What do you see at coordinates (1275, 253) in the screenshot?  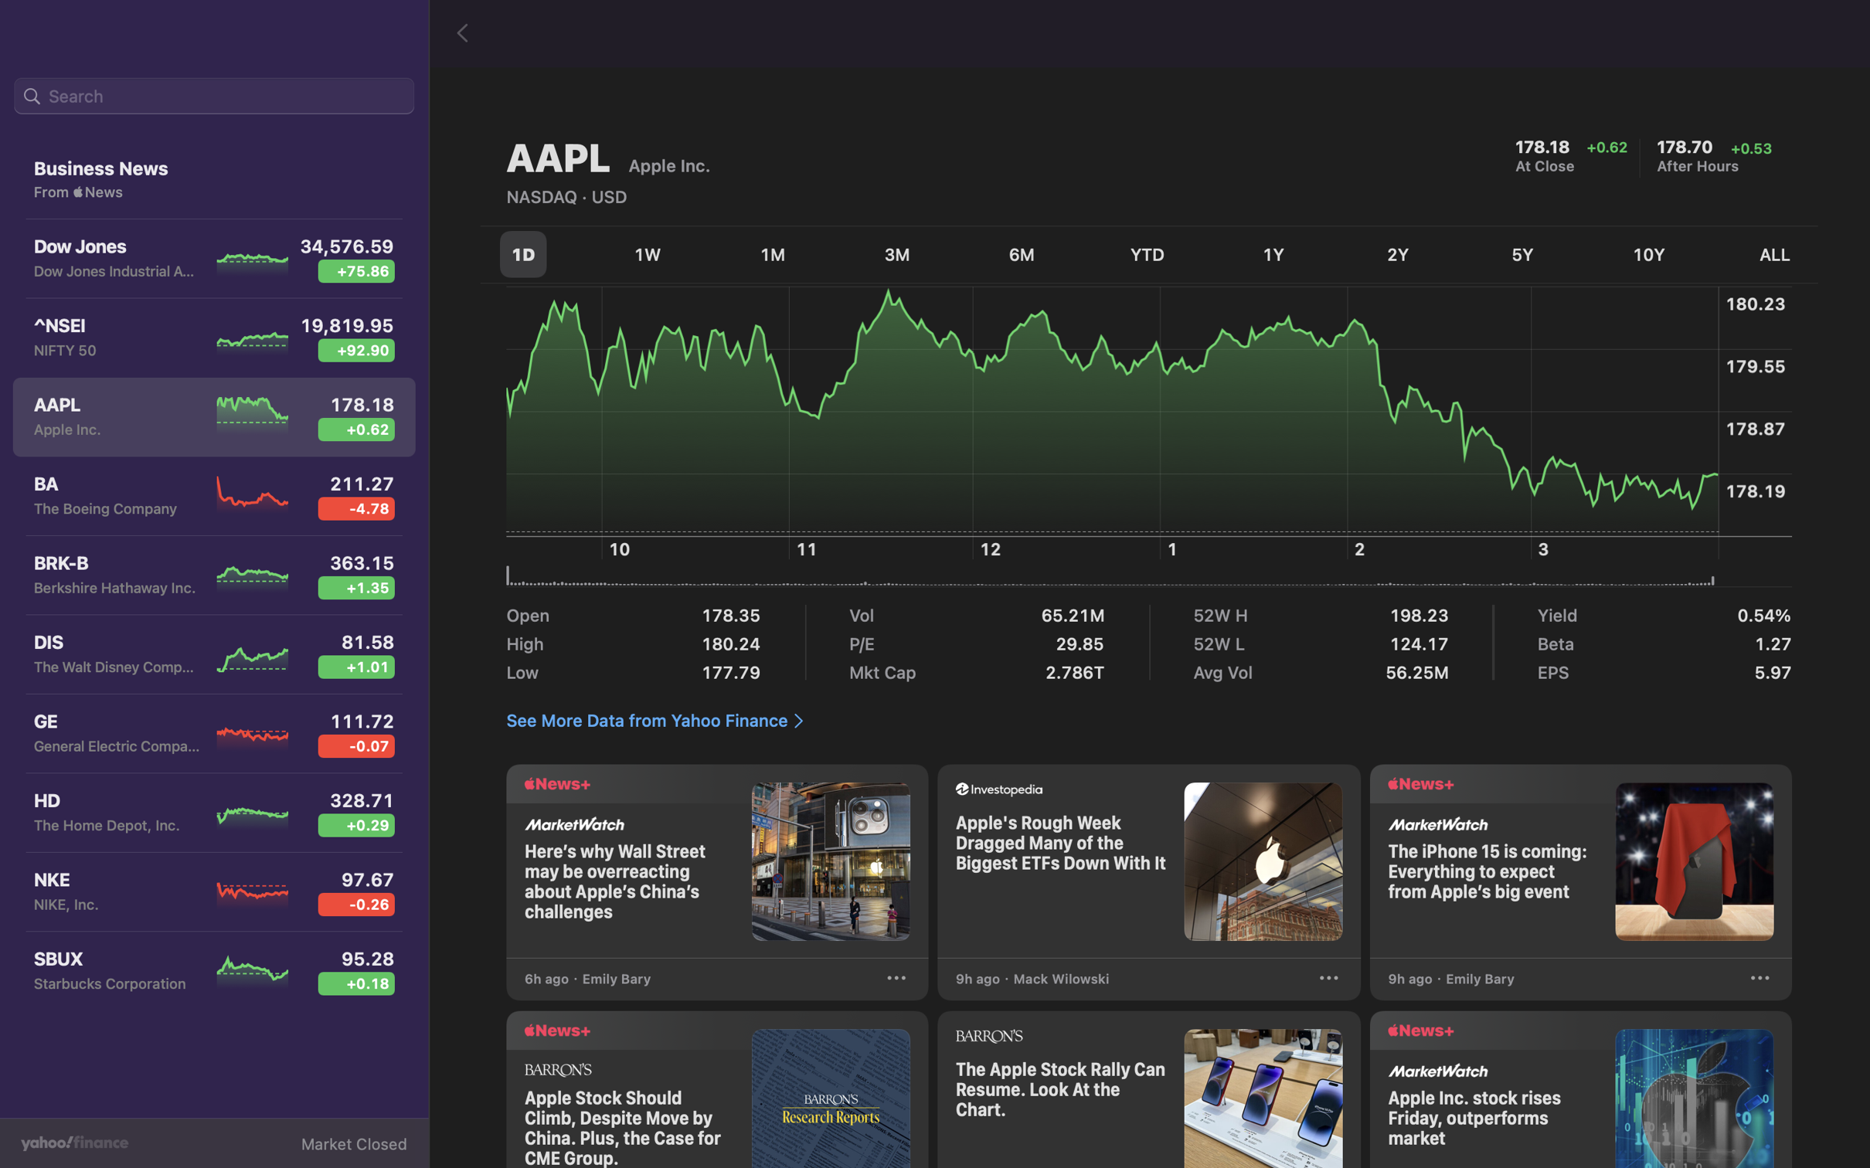 I see `Check the stock change for the past year` at bounding box center [1275, 253].